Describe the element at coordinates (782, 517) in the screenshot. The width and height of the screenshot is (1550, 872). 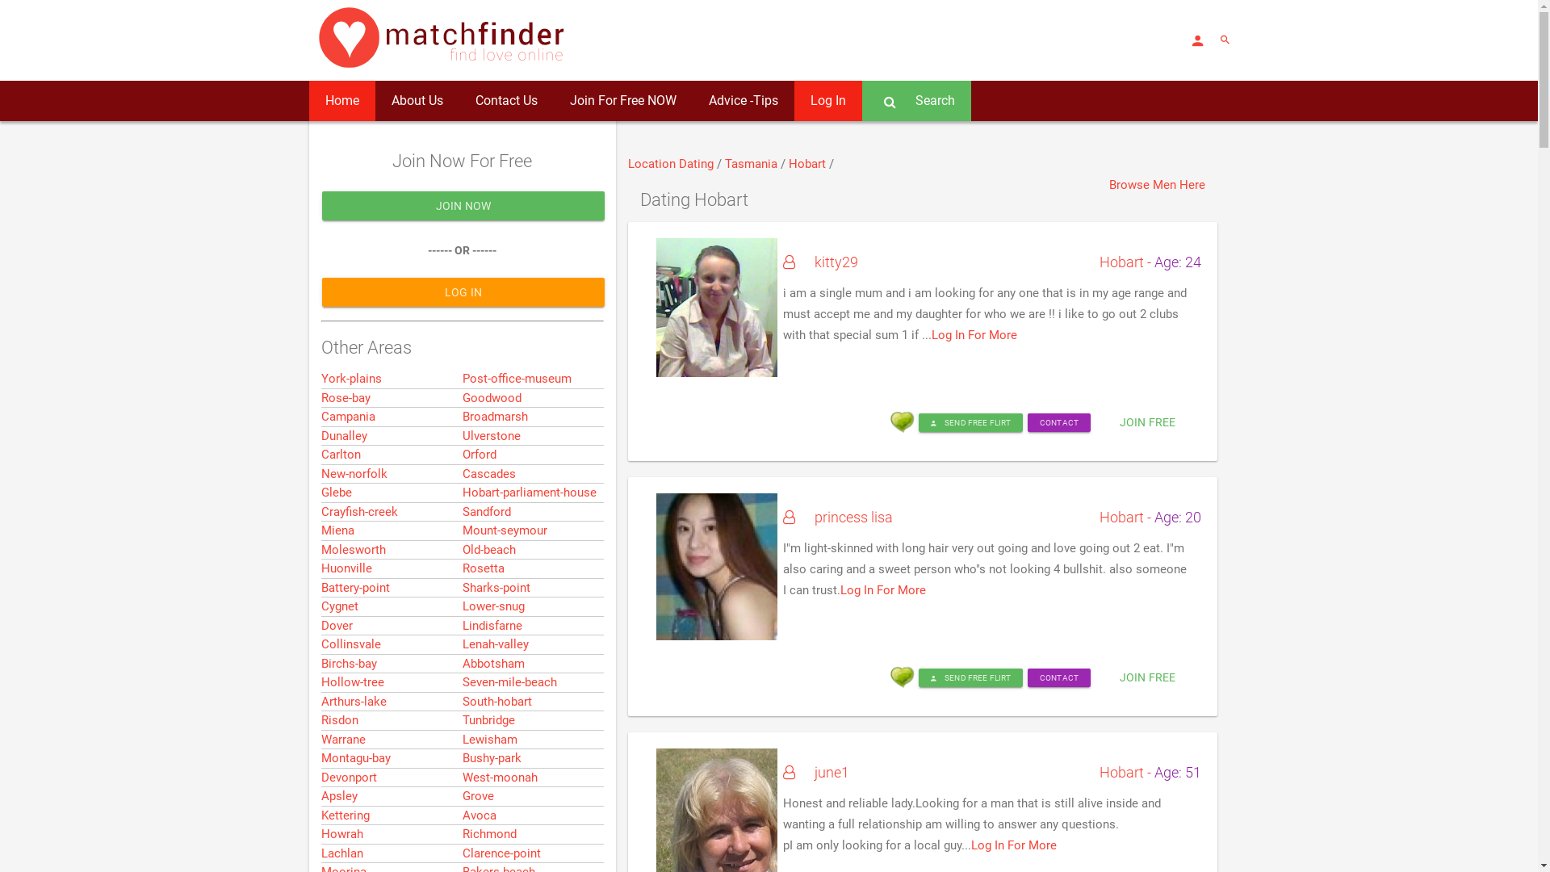
I see `'princess lisa'` at that location.